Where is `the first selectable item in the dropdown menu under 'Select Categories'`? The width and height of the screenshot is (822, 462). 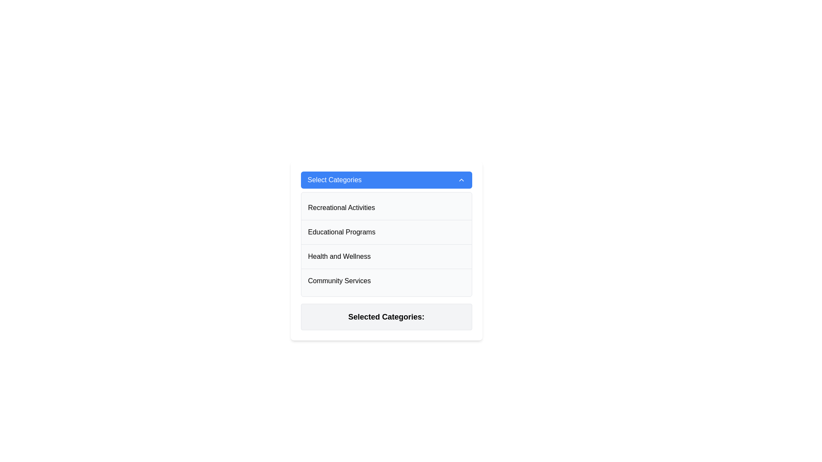 the first selectable item in the dropdown menu under 'Select Categories' is located at coordinates (386, 208).